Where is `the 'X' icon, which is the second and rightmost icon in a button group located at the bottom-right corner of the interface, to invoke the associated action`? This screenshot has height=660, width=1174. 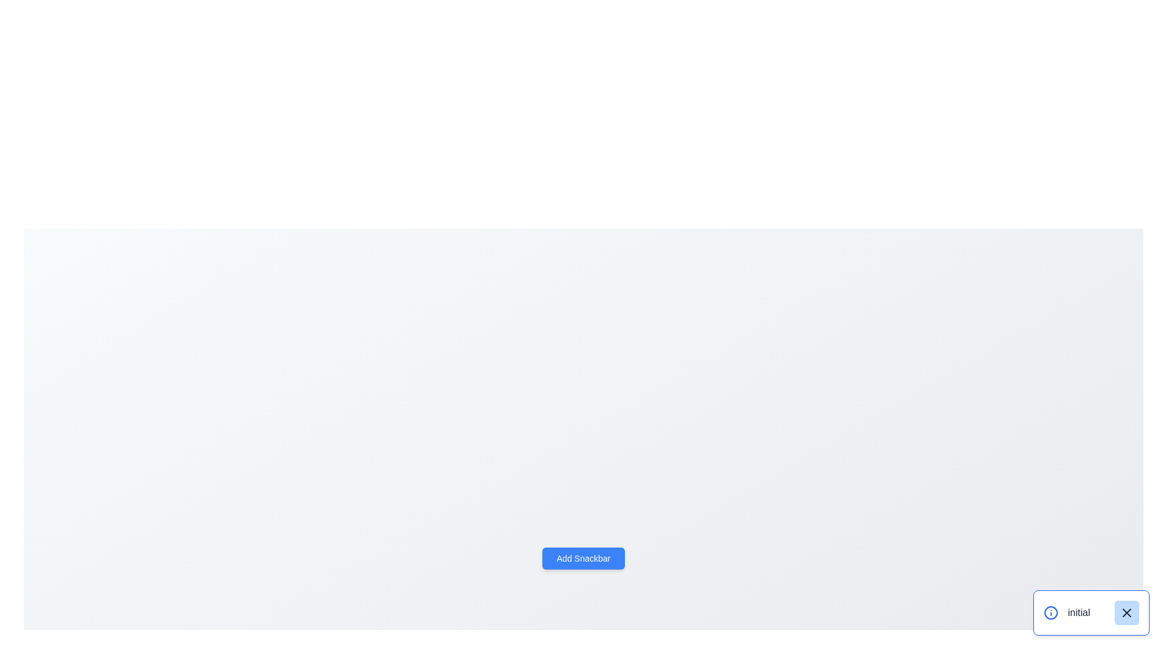 the 'X' icon, which is the second and rightmost icon in a button group located at the bottom-right corner of the interface, to invoke the associated action is located at coordinates (1126, 612).